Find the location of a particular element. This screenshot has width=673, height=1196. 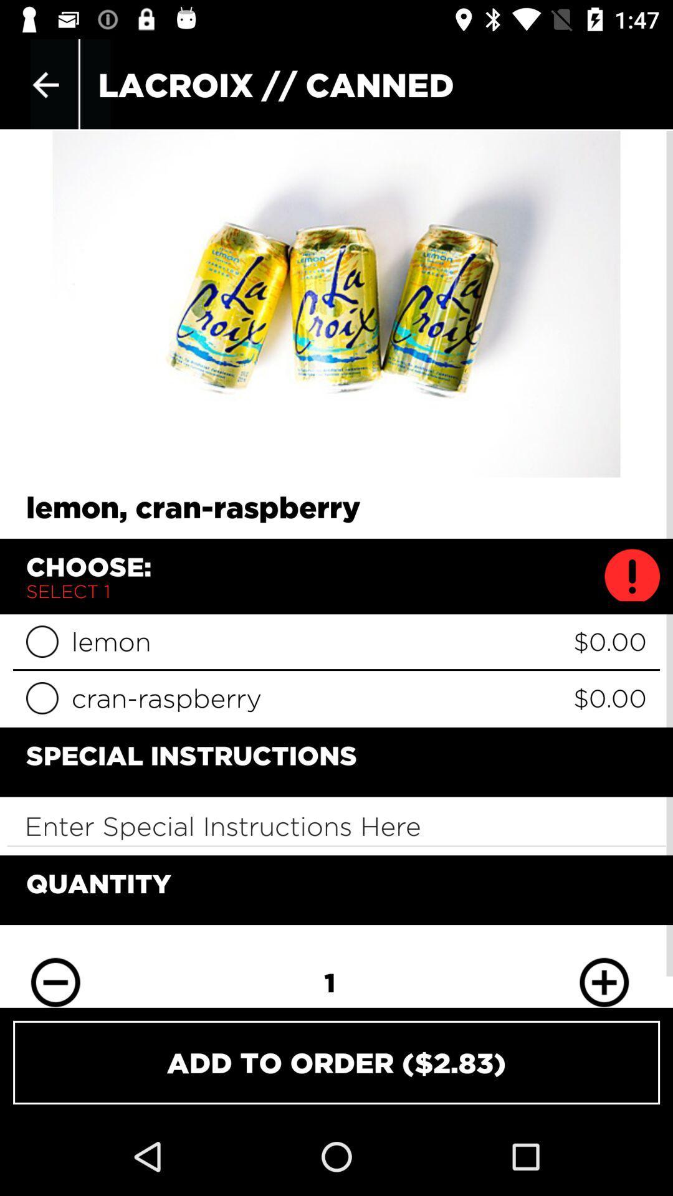

instructions is located at coordinates (336, 826).